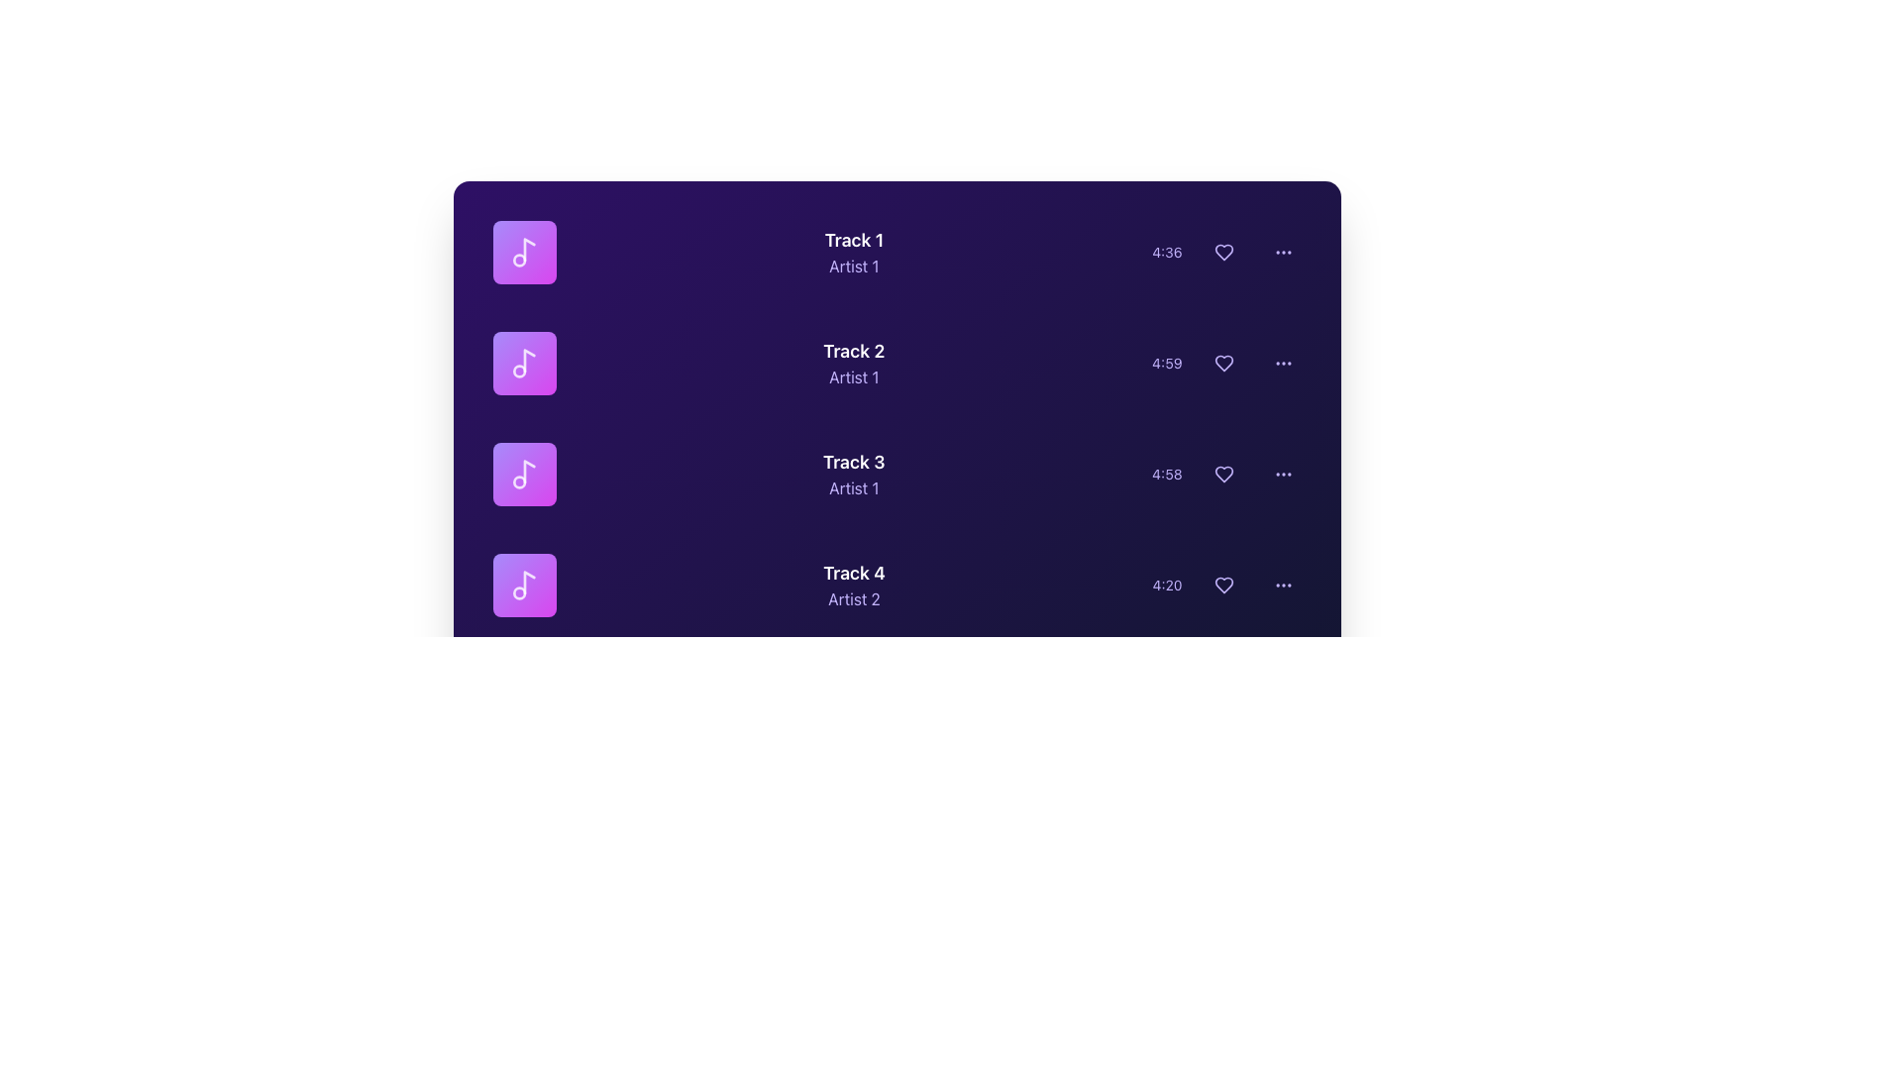 The width and height of the screenshot is (1902, 1070). I want to click on the Ellipsis icon button, which serves as an overflow menu for additional settings related to the music track item, so click(1283, 251).